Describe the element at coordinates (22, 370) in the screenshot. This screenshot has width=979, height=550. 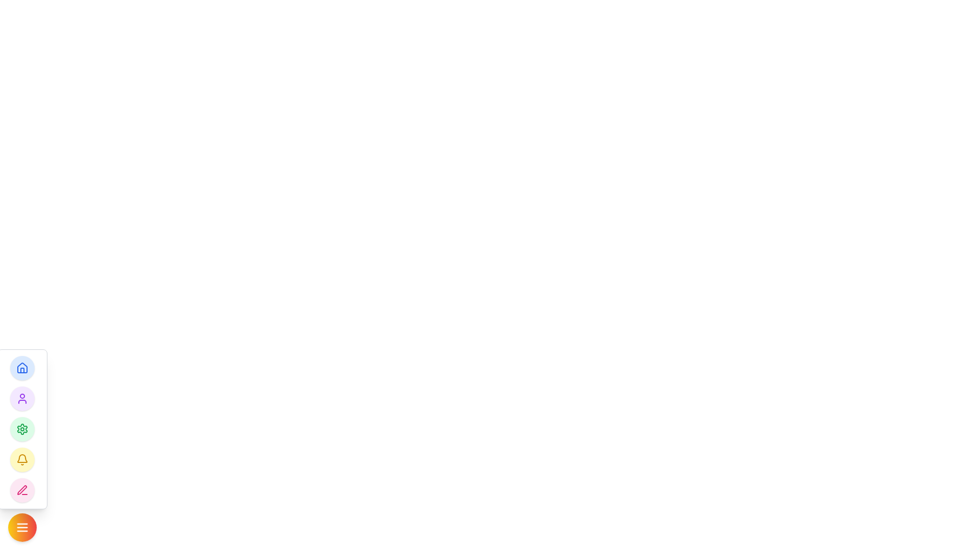
I see `the home icon located at the uppermost position in the vertical column of rounded icons on the left side of the interface` at that location.